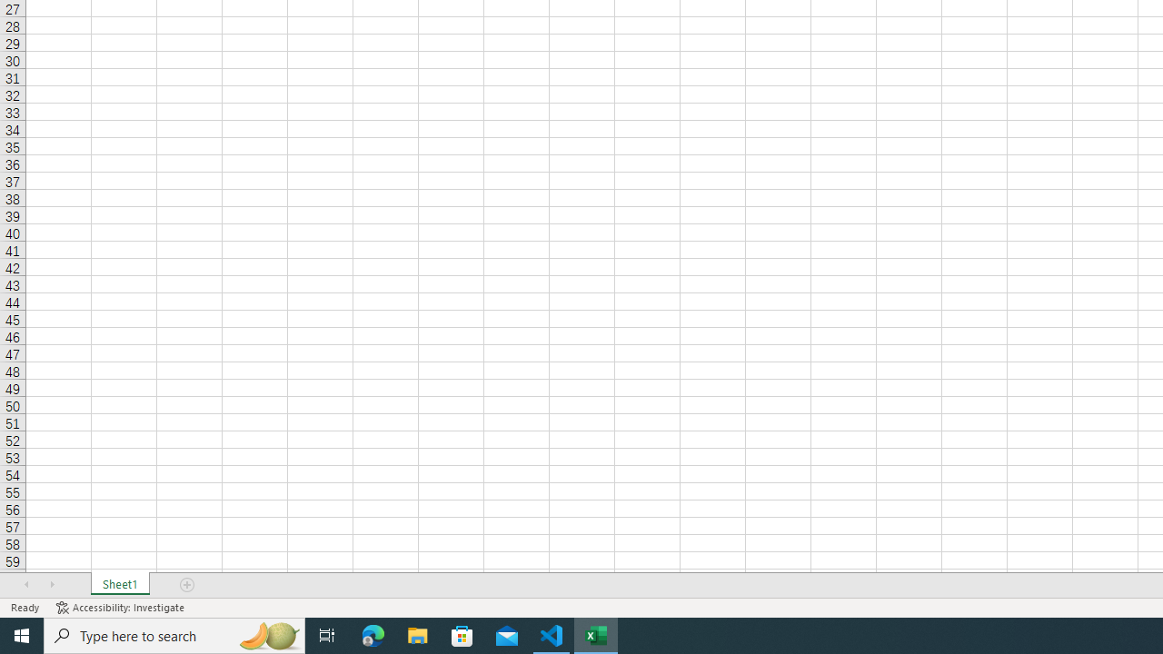 The height and width of the screenshot is (654, 1163). Describe the element at coordinates (121, 608) in the screenshot. I see `'Accessibility Checker Accessibility: Investigate'` at that location.